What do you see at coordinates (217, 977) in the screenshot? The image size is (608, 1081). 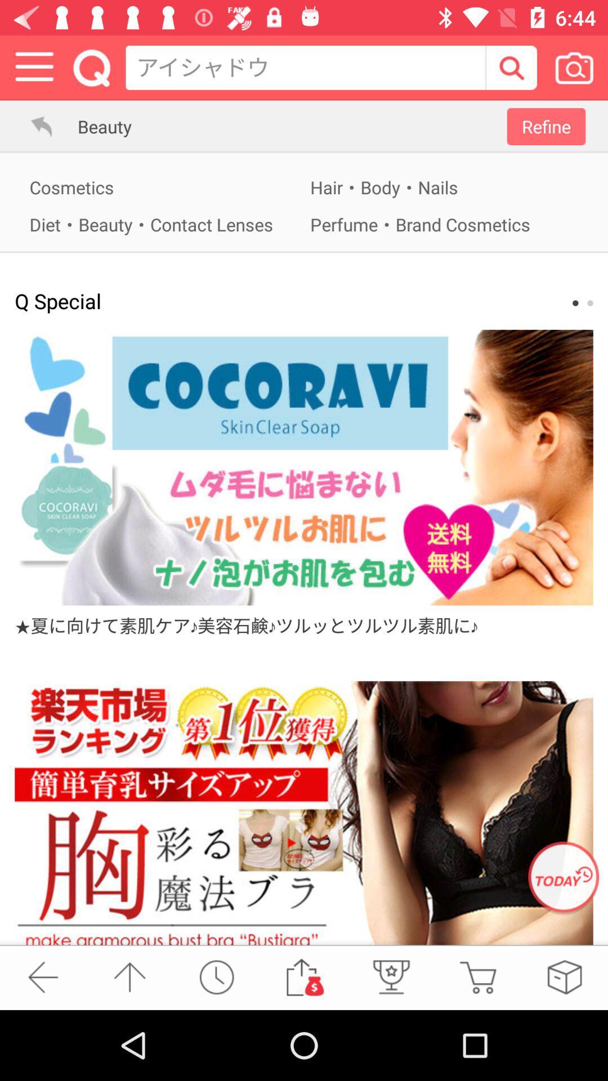 I see `clock icon` at bounding box center [217, 977].